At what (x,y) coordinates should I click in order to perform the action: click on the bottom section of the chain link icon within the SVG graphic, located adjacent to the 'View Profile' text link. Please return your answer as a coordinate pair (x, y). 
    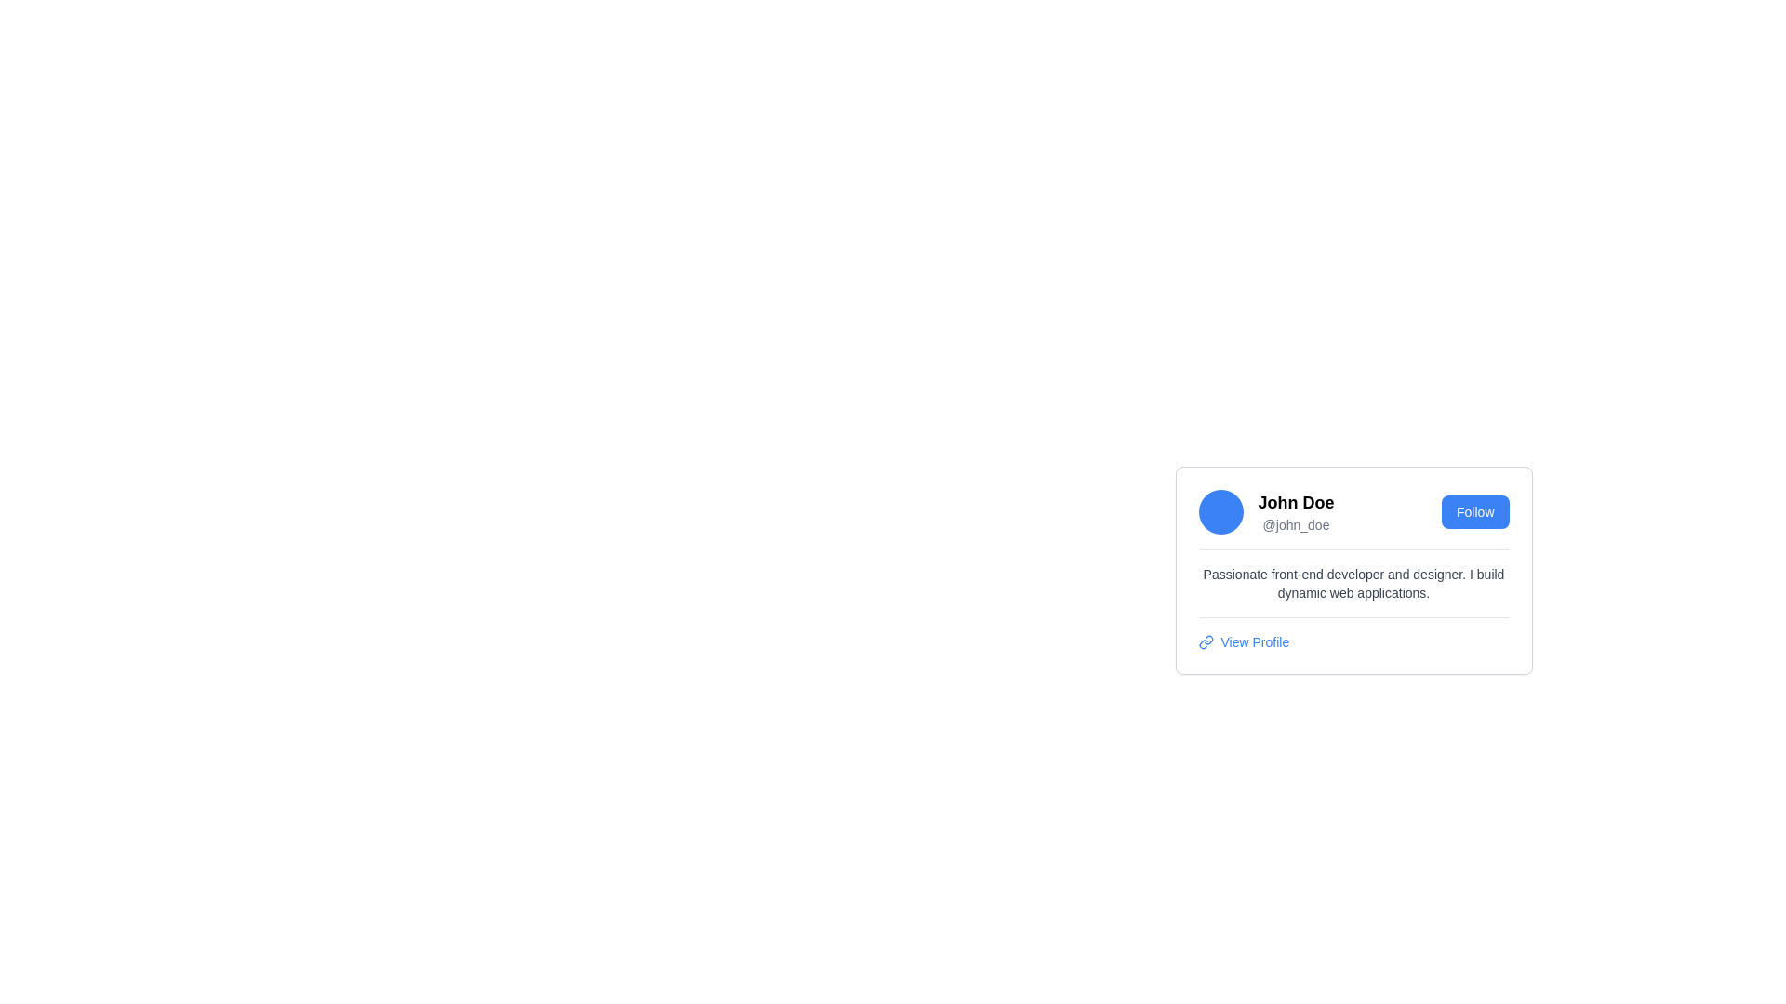
    Looking at the image, I should click on (1203, 643).